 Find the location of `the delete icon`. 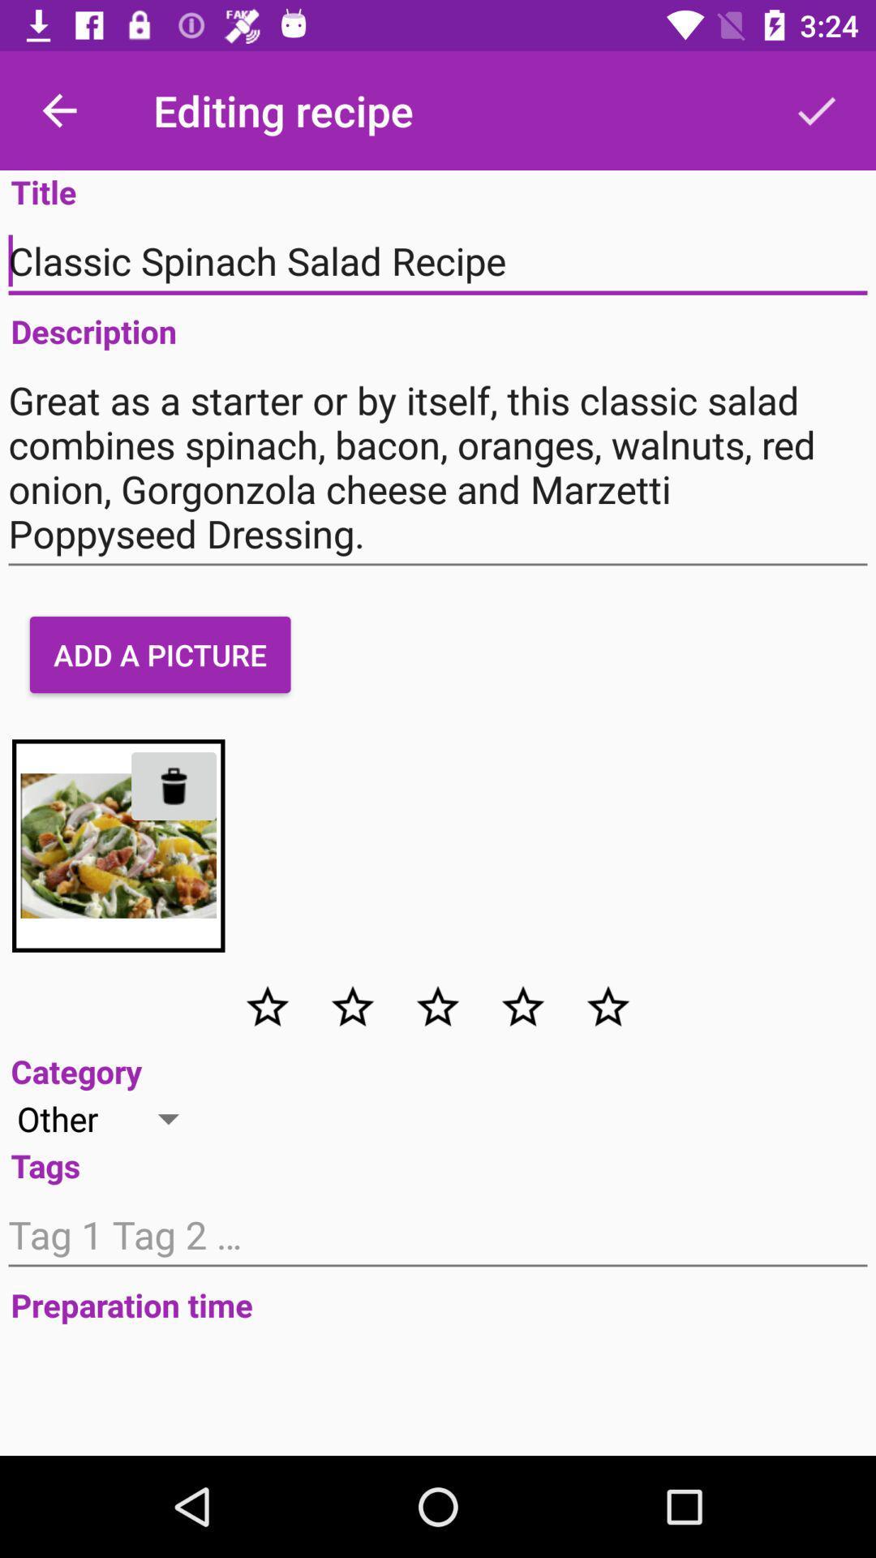

the delete icon is located at coordinates (174, 786).